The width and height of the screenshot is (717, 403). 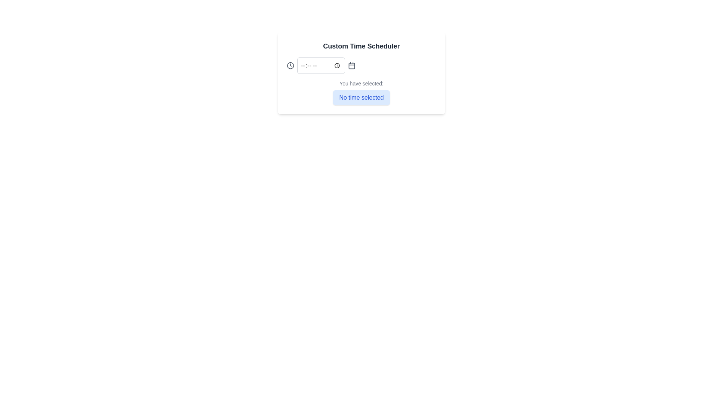 I want to click on the calendar icon component located next to the time selection field, which is a square shape with rounded corners, so click(x=351, y=65).